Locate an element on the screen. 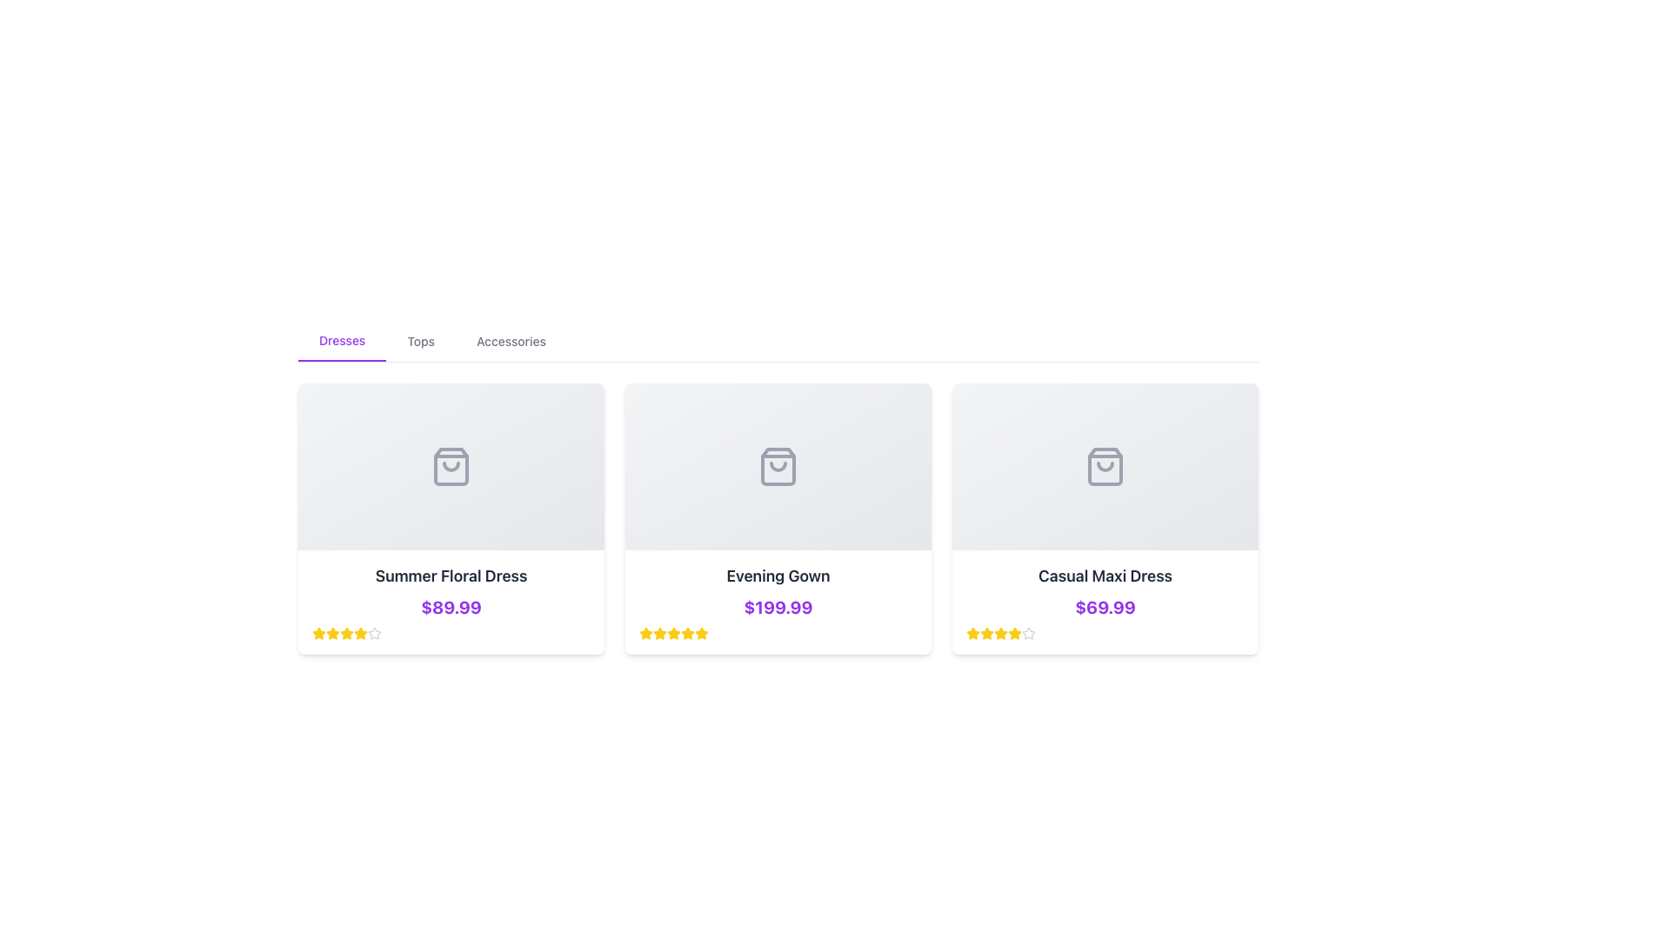  the interactive text label displaying the price '$199.99' for the 'Evening Gown' product, which is visually styled with bold, large purple text and located in the center card below the product name is located at coordinates (777, 606).